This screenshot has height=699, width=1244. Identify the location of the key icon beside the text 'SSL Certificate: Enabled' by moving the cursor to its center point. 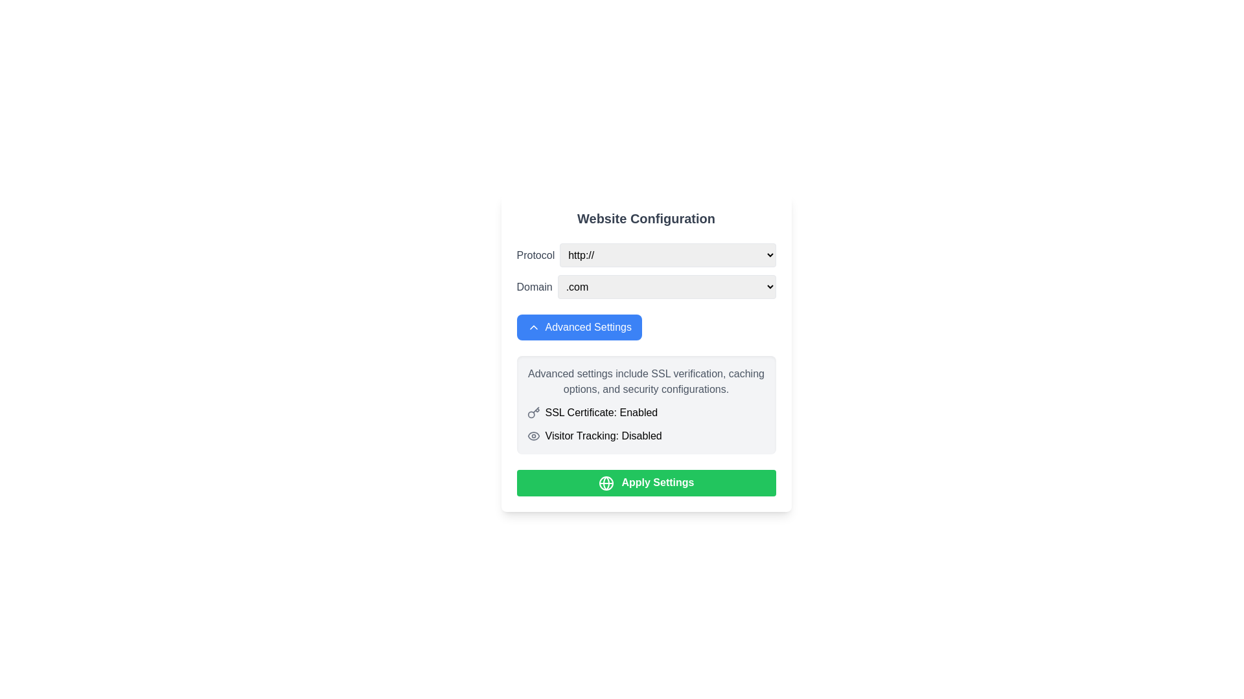
(533, 412).